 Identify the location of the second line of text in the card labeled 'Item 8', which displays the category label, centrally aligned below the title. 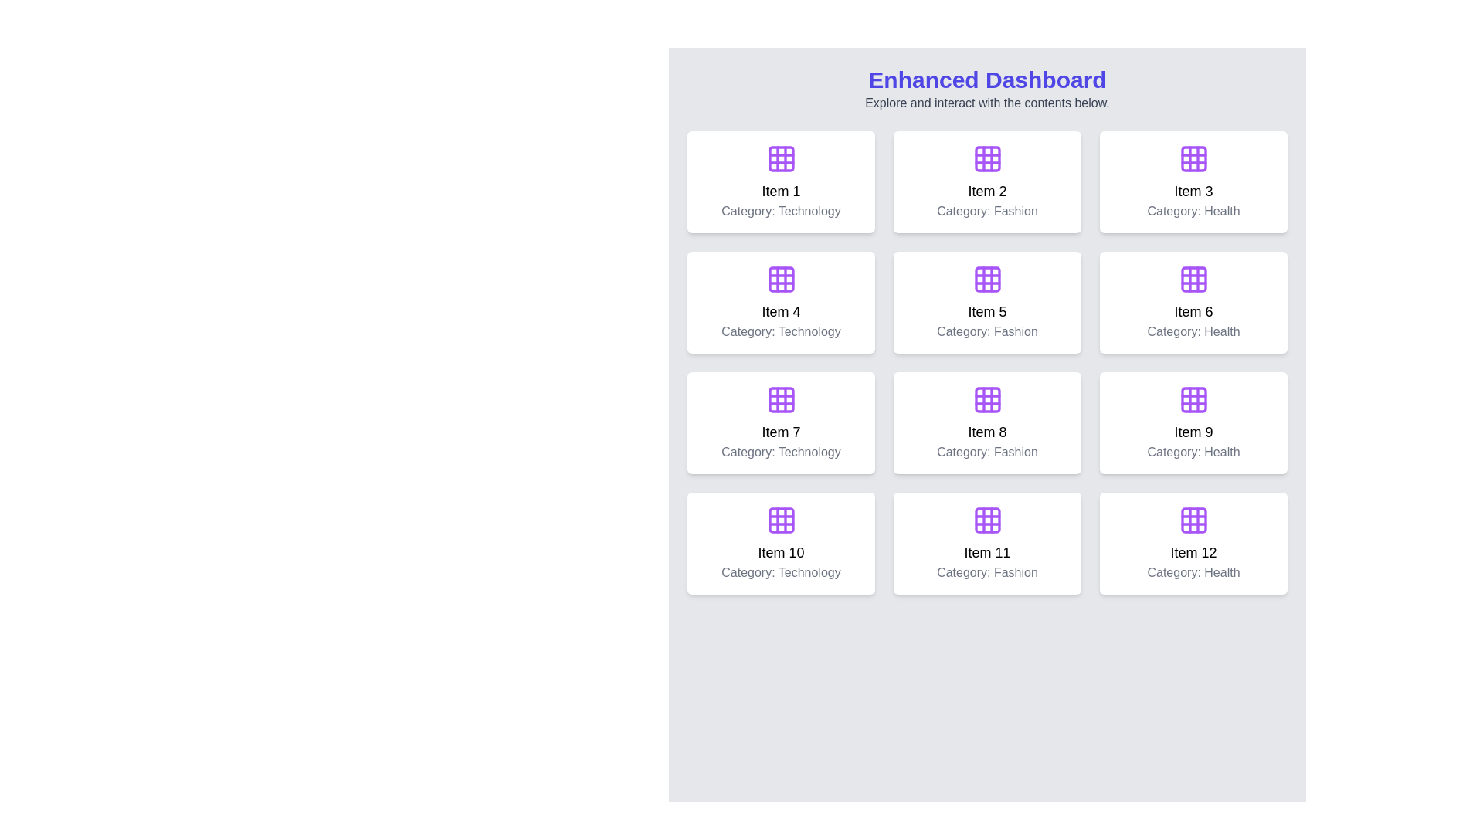
(986, 452).